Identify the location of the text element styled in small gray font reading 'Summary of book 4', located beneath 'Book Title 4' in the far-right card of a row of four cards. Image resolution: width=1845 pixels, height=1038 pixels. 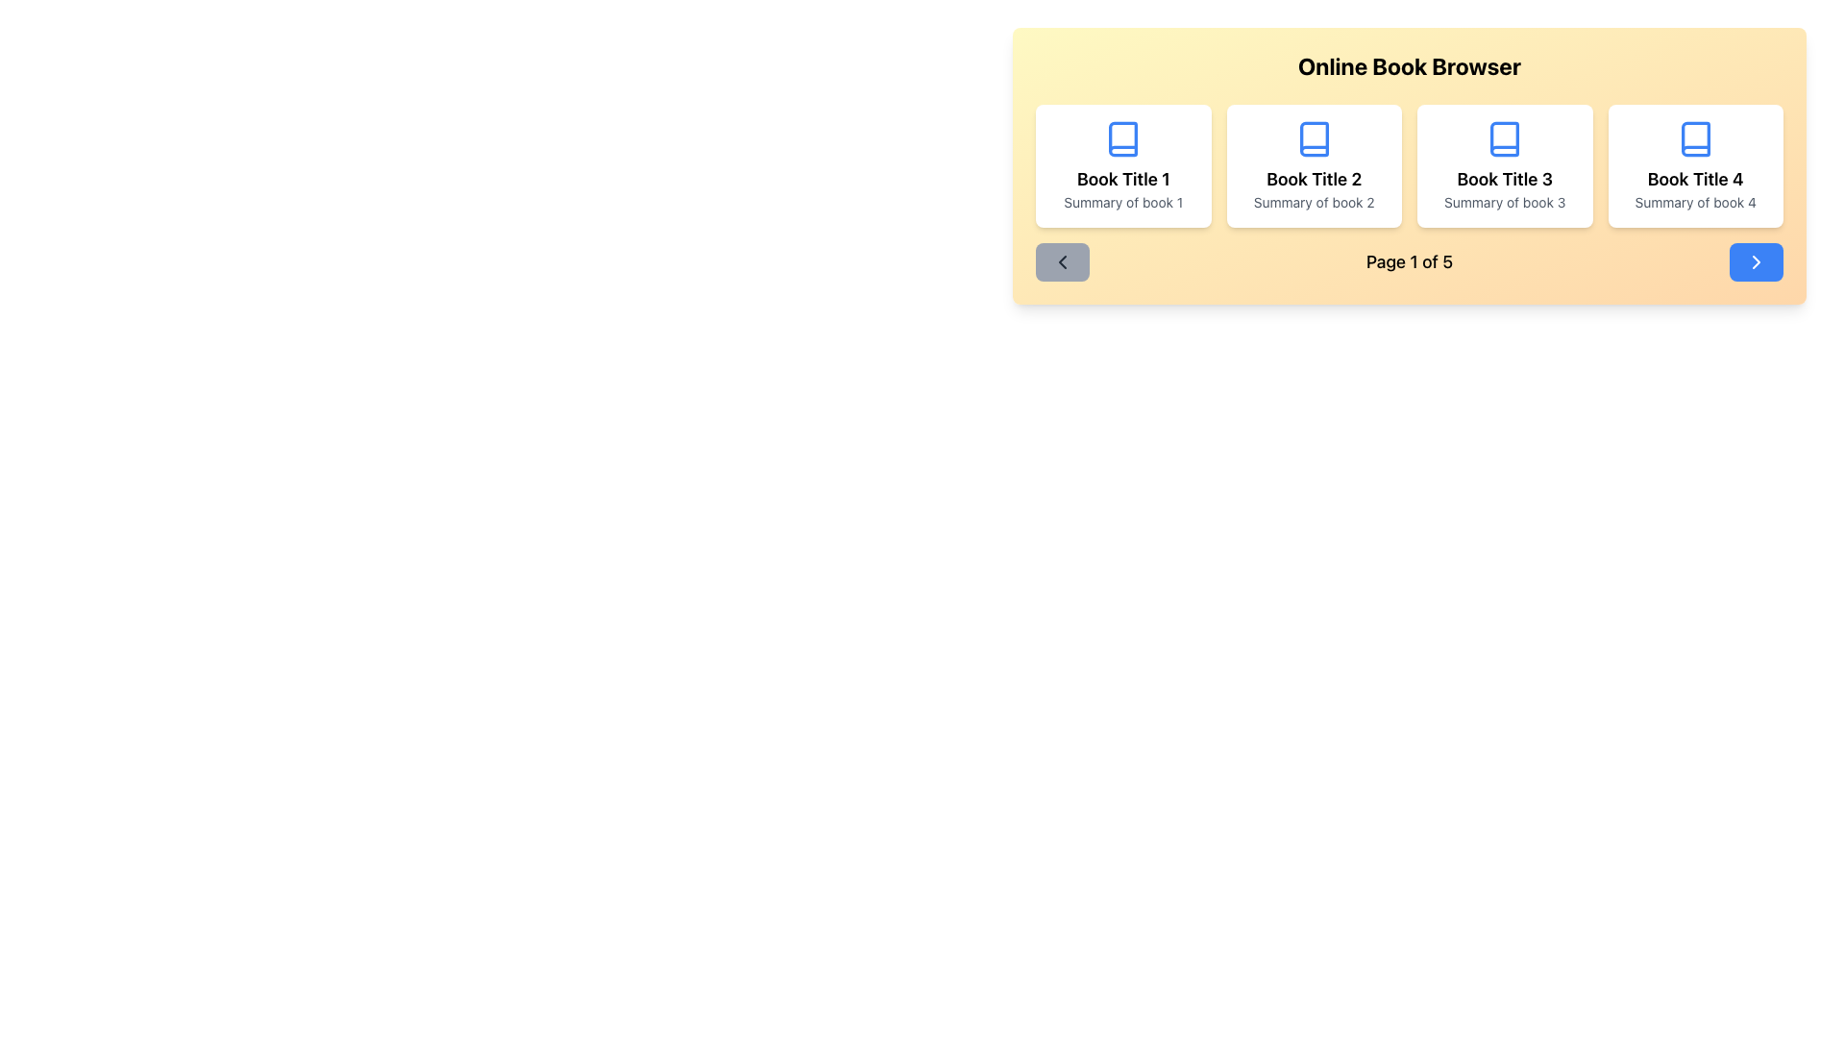
(1695, 203).